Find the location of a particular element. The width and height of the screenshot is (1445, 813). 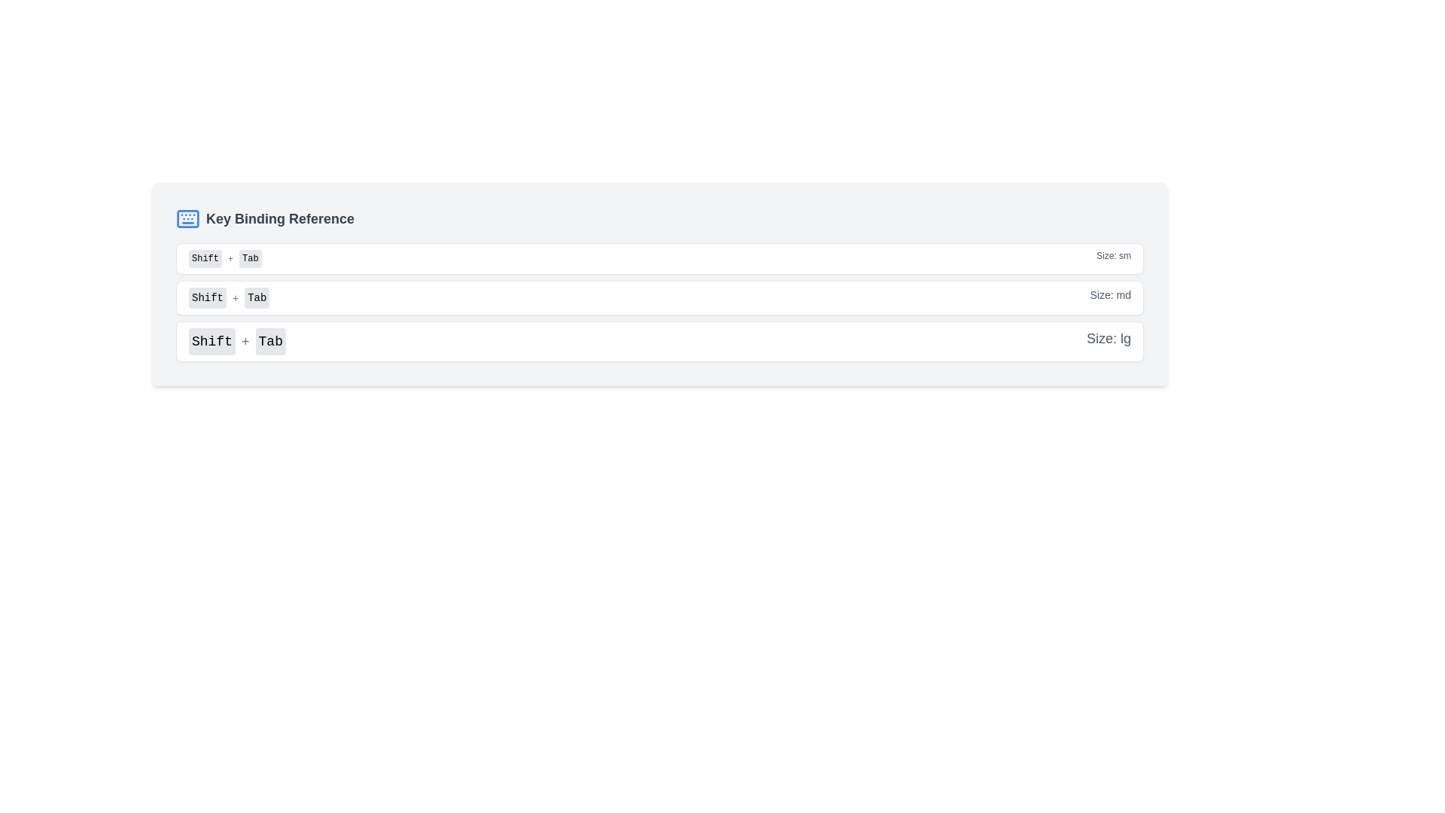

the blue keyboard icon located at the left side of the title 'Key Binding Reference' is located at coordinates (187, 218).